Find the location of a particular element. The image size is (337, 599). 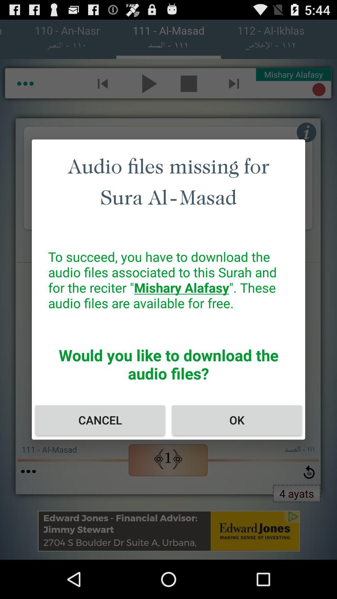

icon to the right of the cancel item is located at coordinates (237, 420).